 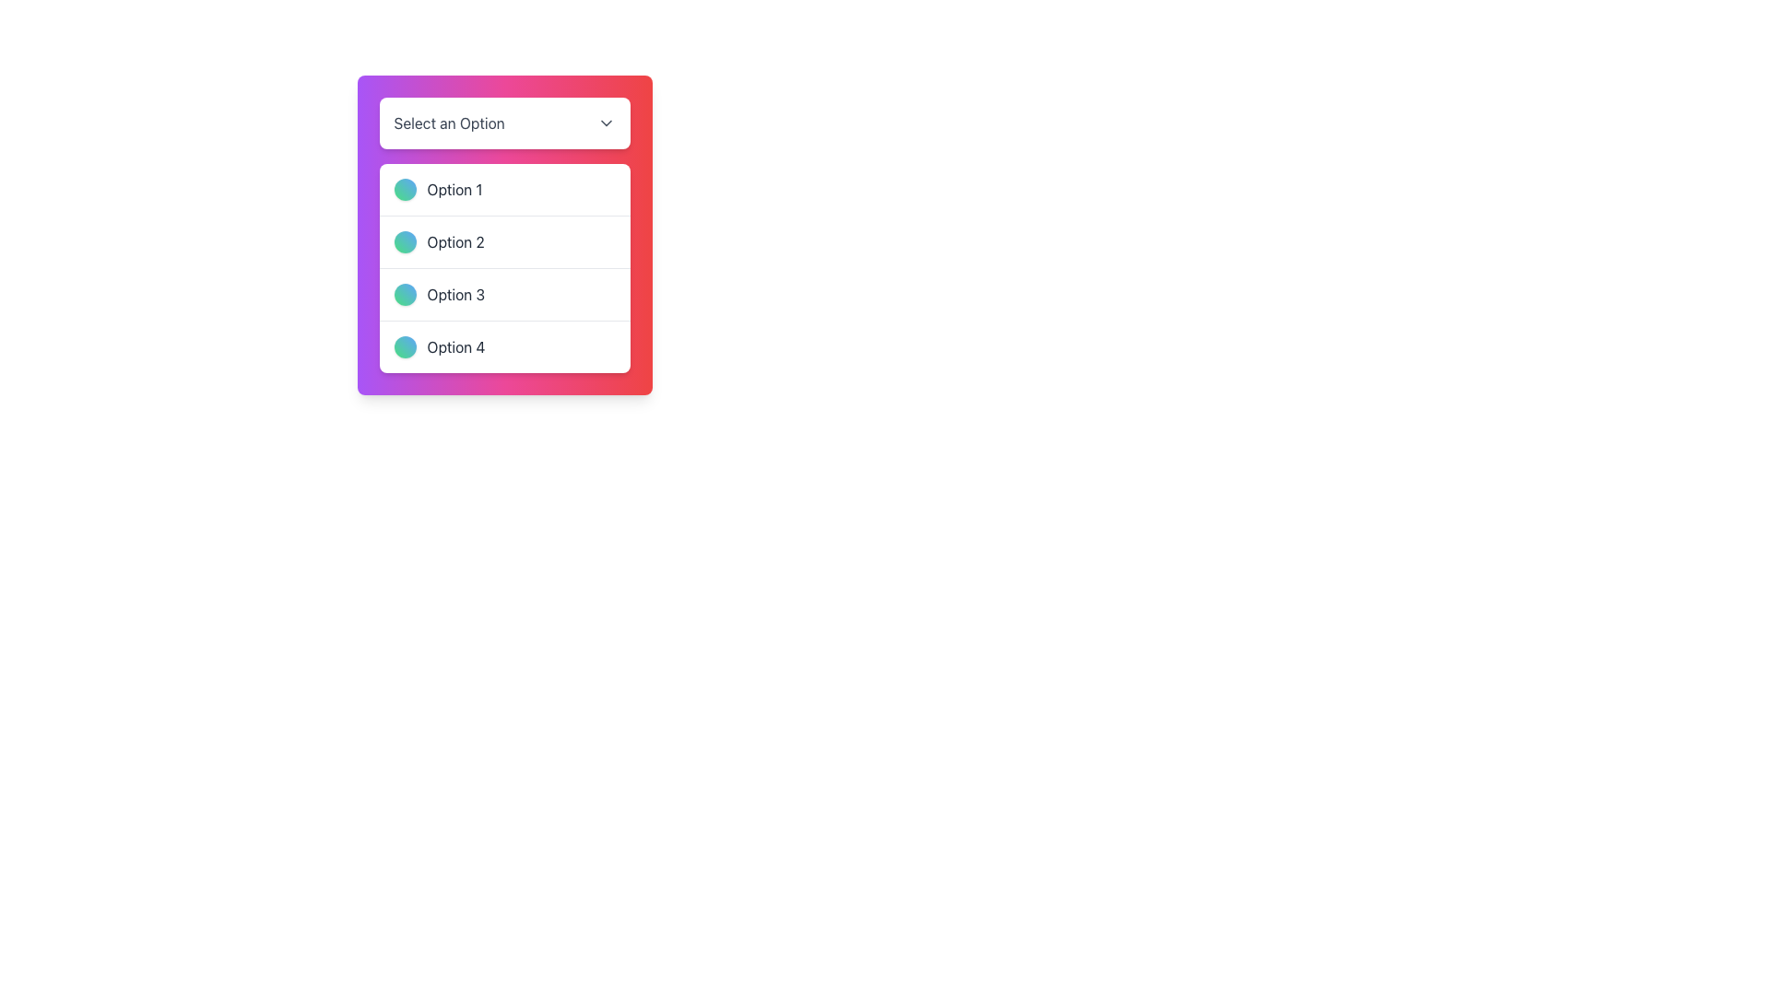 I want to click on the decorative icon for the menu option 'Option 3', which is the leftmost element in the third item of a vertical list under a dropdown menu, so click(x=404, y=294).